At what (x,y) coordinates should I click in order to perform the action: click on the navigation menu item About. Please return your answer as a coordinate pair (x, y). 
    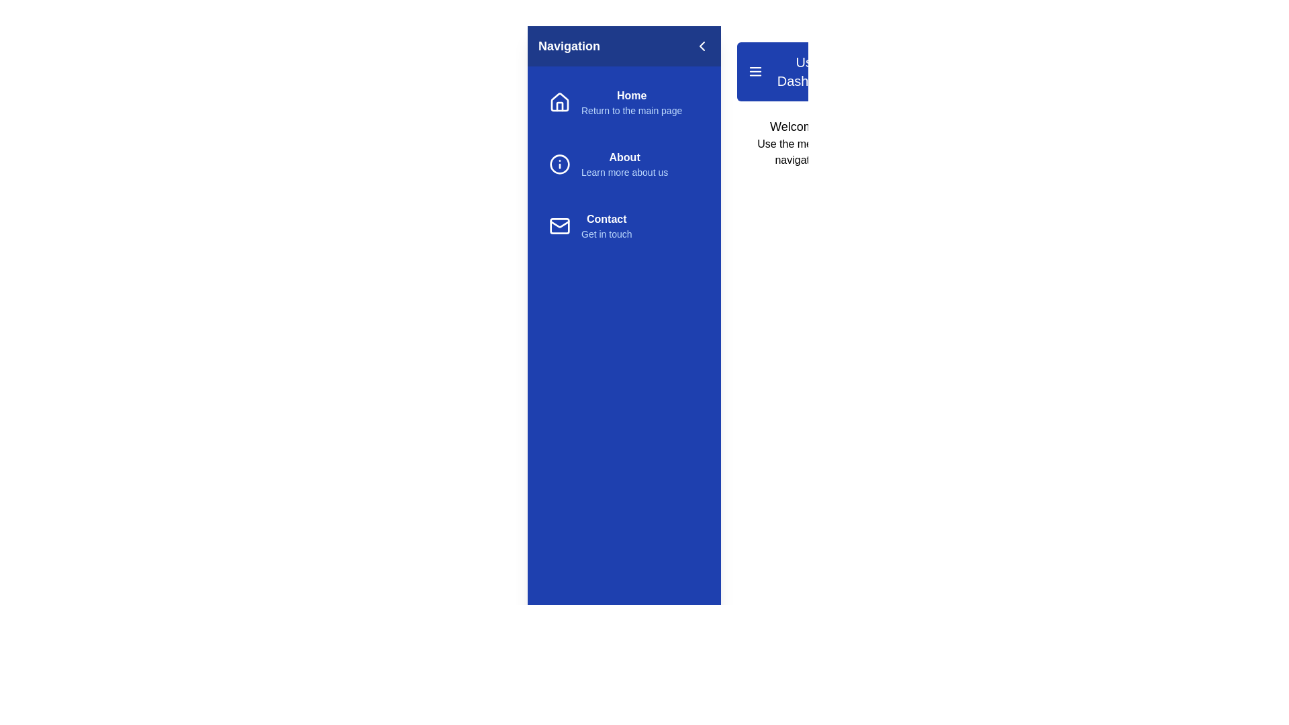
    Looking at the image, I should click on (624, 164).